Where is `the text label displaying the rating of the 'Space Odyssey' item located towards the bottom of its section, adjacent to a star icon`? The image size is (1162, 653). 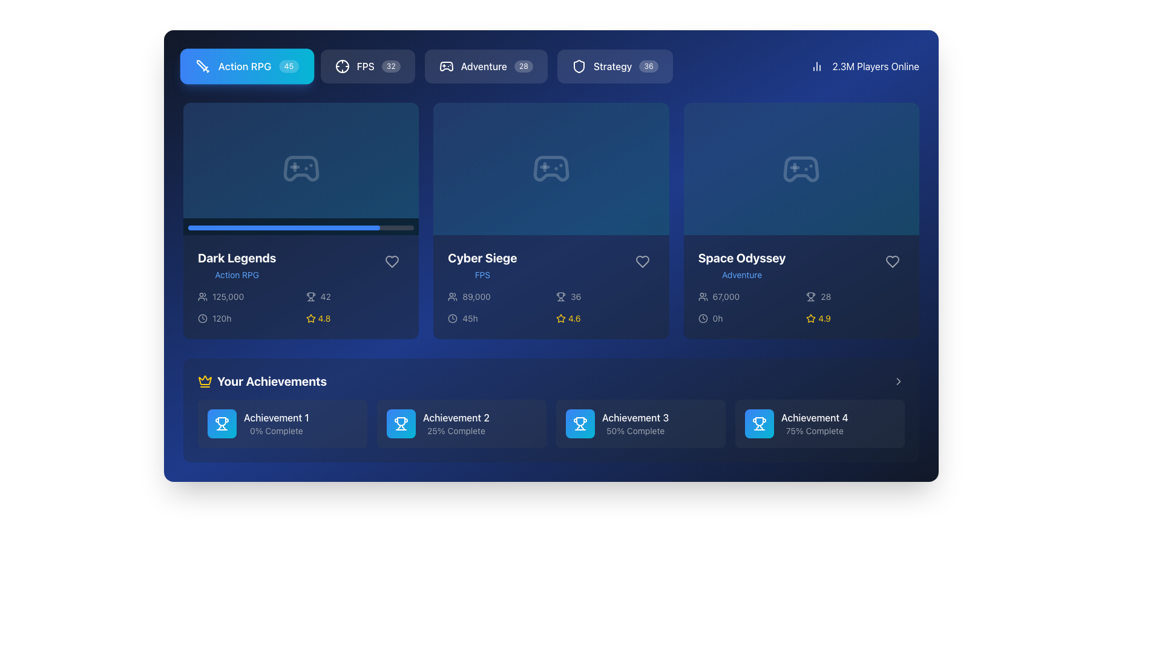 the text label displaying the rating of the 'Space Odyssey' item located towards the bottom of its section, adjacent to a star icon is located at coordinates (824, 318).